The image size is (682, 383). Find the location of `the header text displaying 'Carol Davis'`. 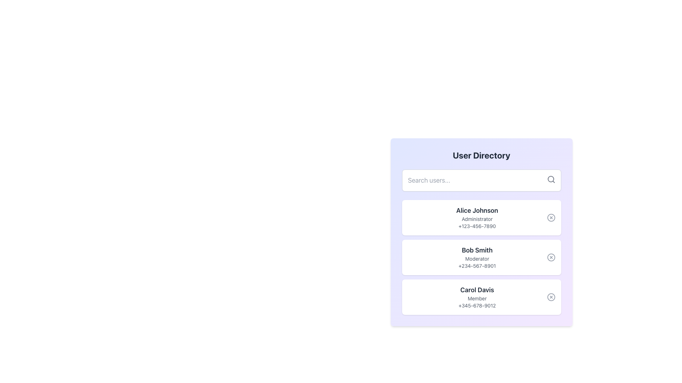

the header text displaying 'Carol Davis' is located at coordinates (477, 290).